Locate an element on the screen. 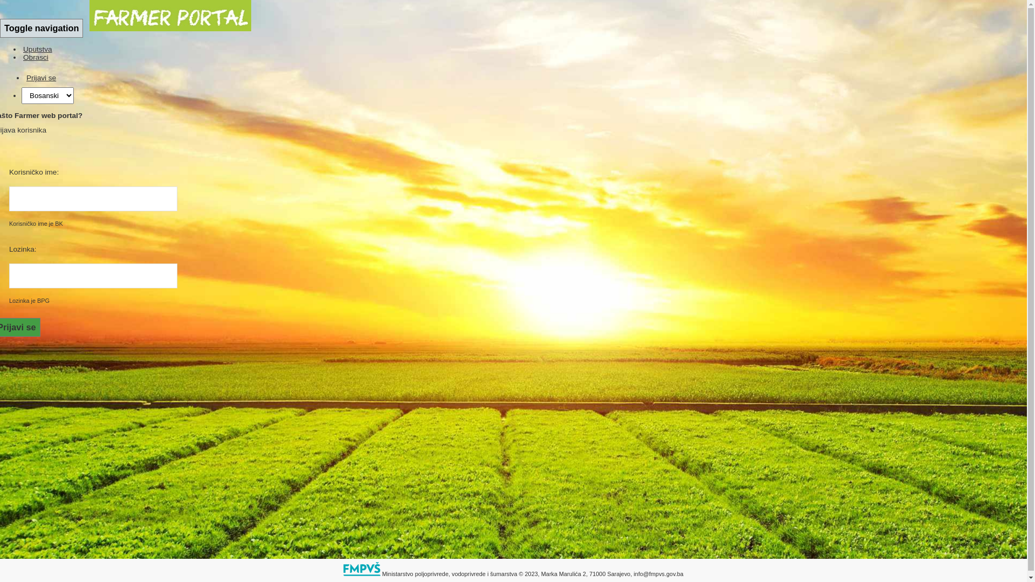 Image resolution: width=1035 pixels, height=582 pixels. 'Toggle navigation' is located at coordinates (0, 27).